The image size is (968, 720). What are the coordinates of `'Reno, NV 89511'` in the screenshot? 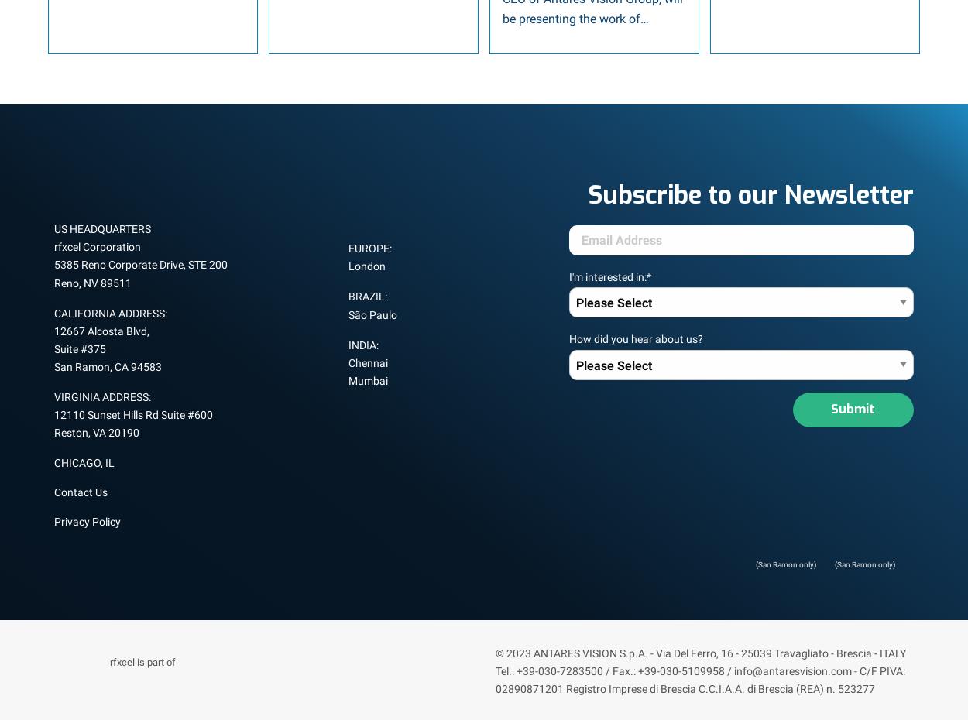 It's located at (92, 282).